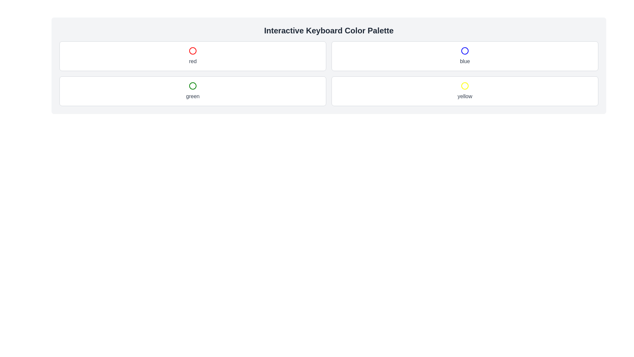 Image resolution: width=634 pixels, height=357 pixels. What do you see at coordinates (193, 85) in the screenshot?
I see `the circular icon with a green stroke located in the lower left quadrant of the interface, specifically in the second row, first column, below the red circular icon labeled 'red'` at bounding box center [193, 85].